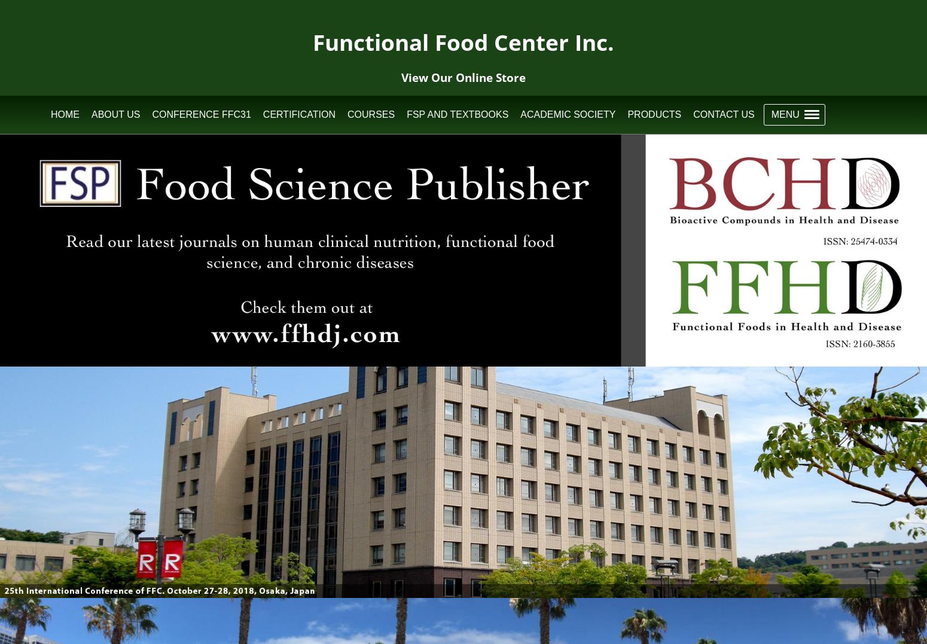 This screenshot has height=644, width=927. I want to click on 'Products', so click(653, 114).